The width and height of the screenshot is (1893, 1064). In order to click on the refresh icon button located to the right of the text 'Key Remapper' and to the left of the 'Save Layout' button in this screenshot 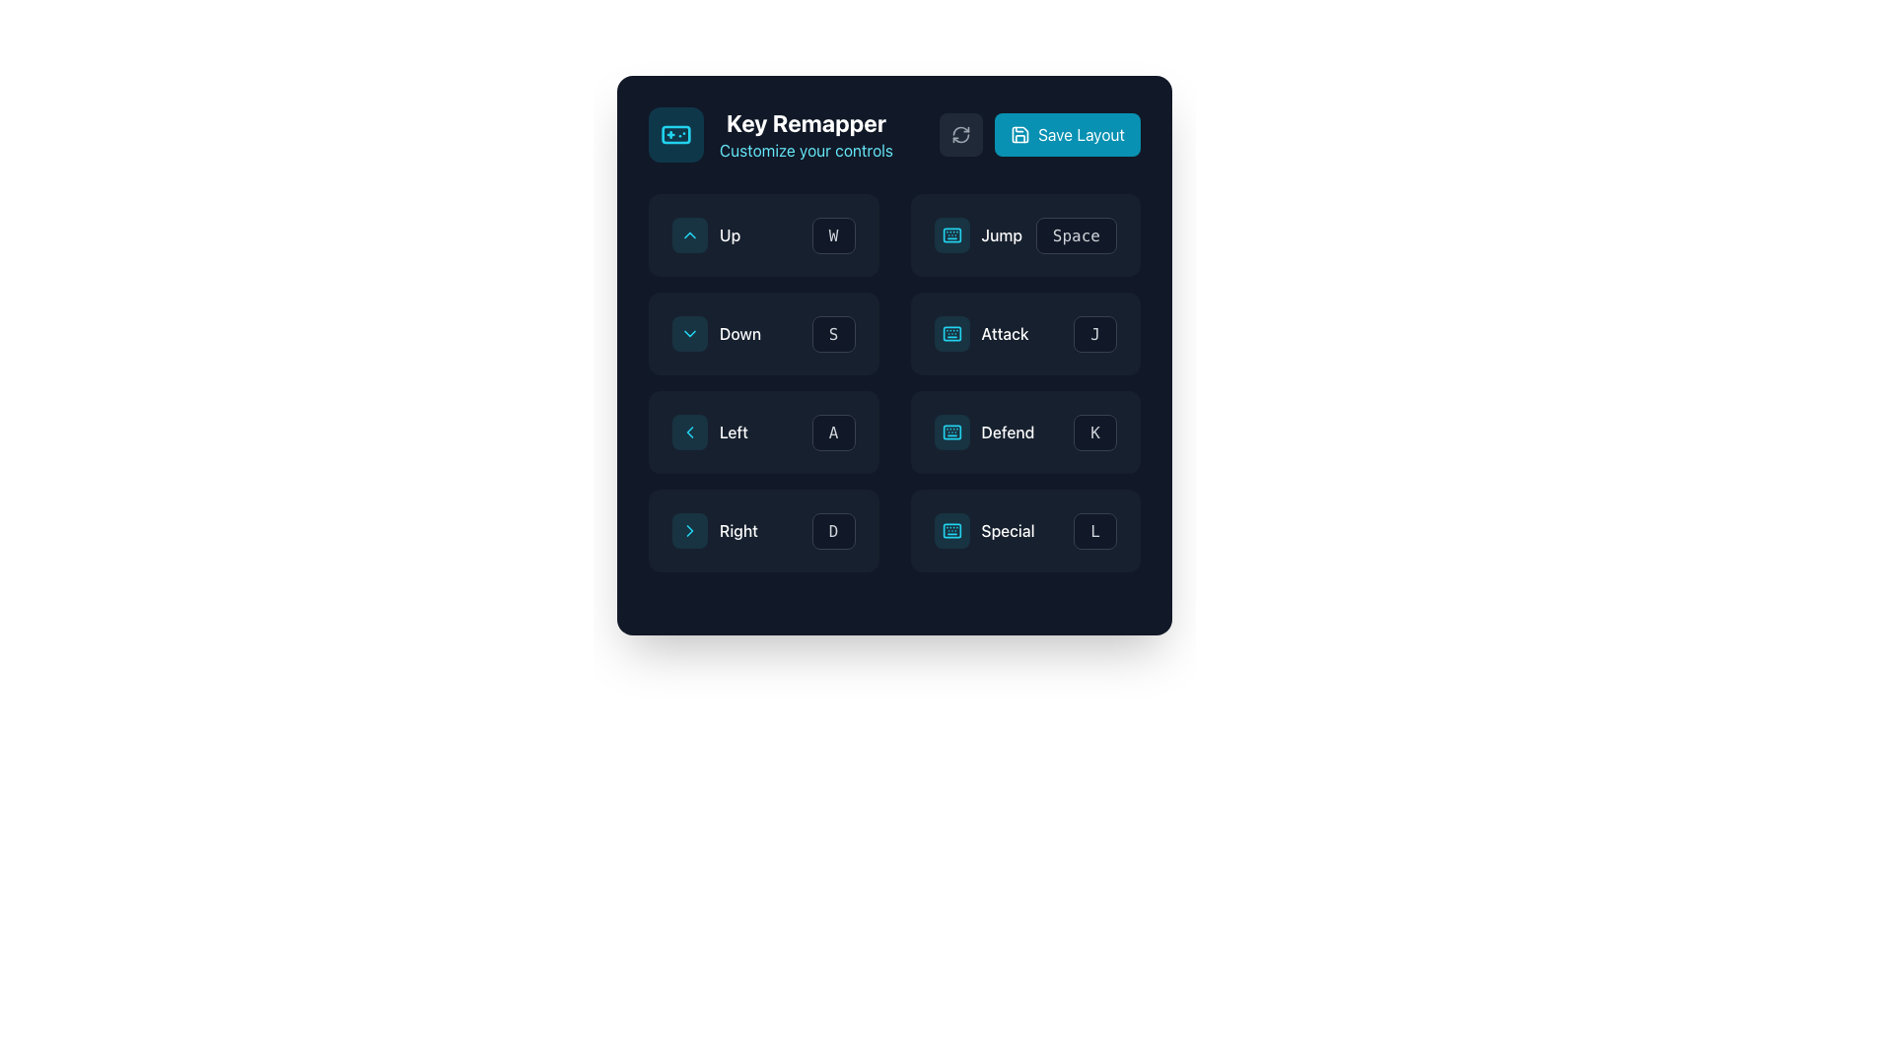, I will do `click(961, 134)`.